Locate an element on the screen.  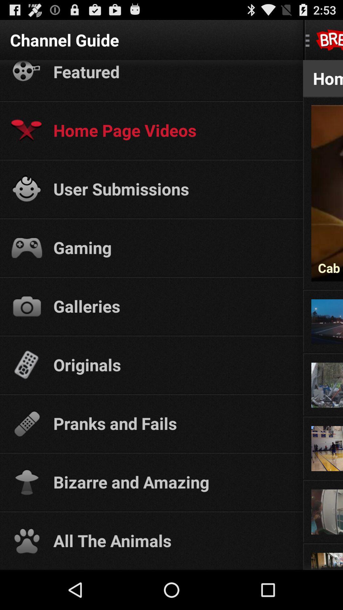
app to the right of bizarre and amazing app is located at coordinates (323, 480).